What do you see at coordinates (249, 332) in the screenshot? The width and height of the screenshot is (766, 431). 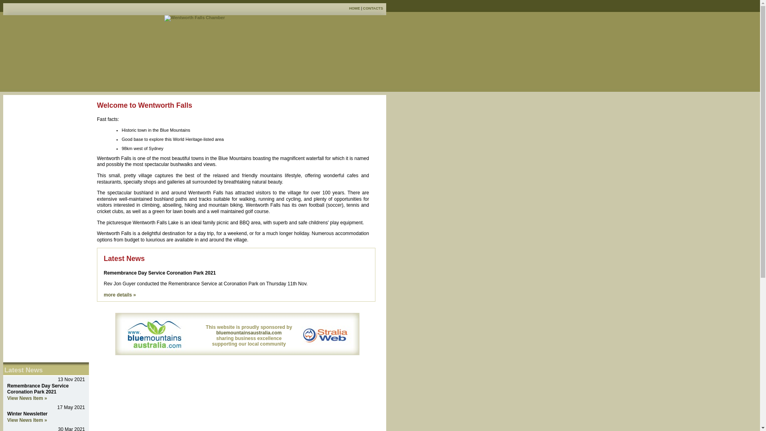 I see `'bluemountainsaustralia.com'` at bounding box center [249, 332].